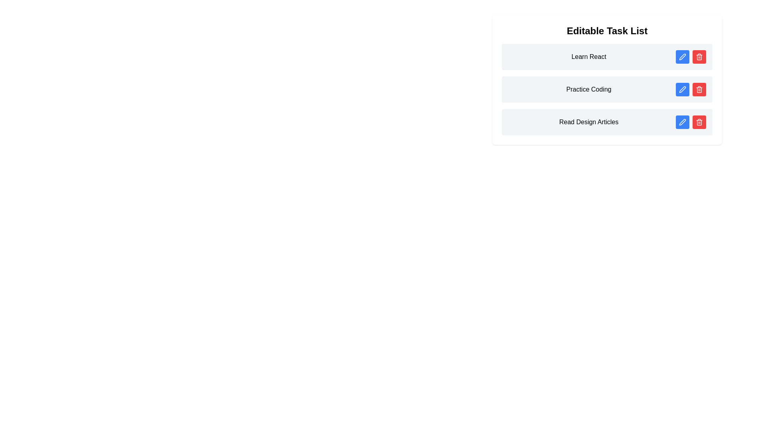 Image resolution: width=766 pixels, height=430 pixels. What do you see at coordinates (682, 56) in the screenshot?
I see `the edit button located in the topmost task row of the task list interface, positioned to the right of the 'Learn React' label and to the left of the red delete button, to change its styling` at bounding box center [682, 56].